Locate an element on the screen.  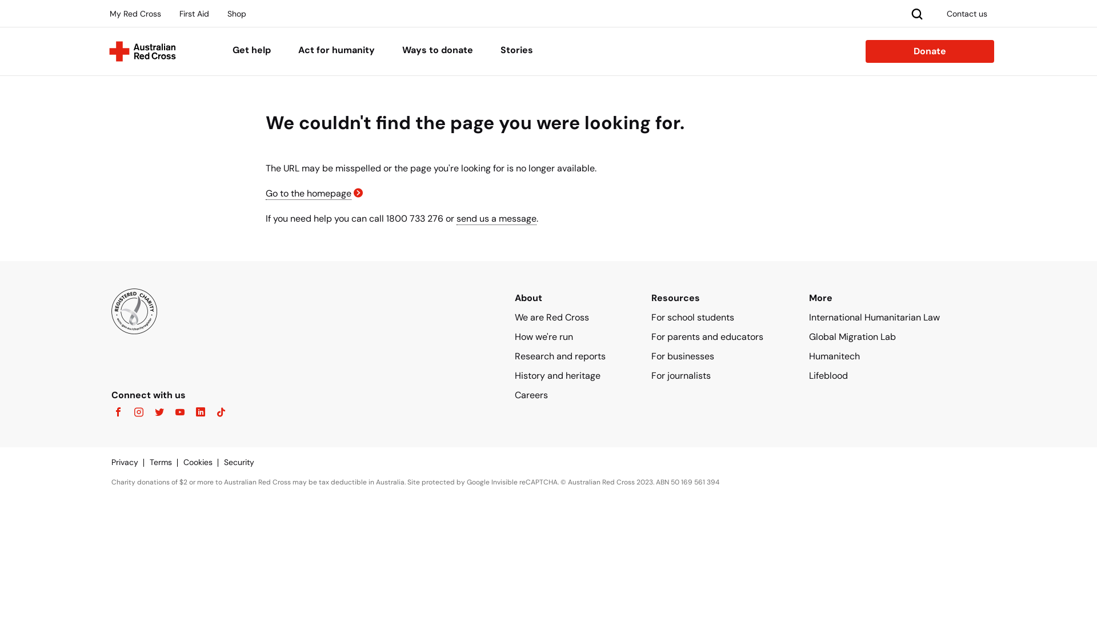
'More' is located at coordinates (820, 297).